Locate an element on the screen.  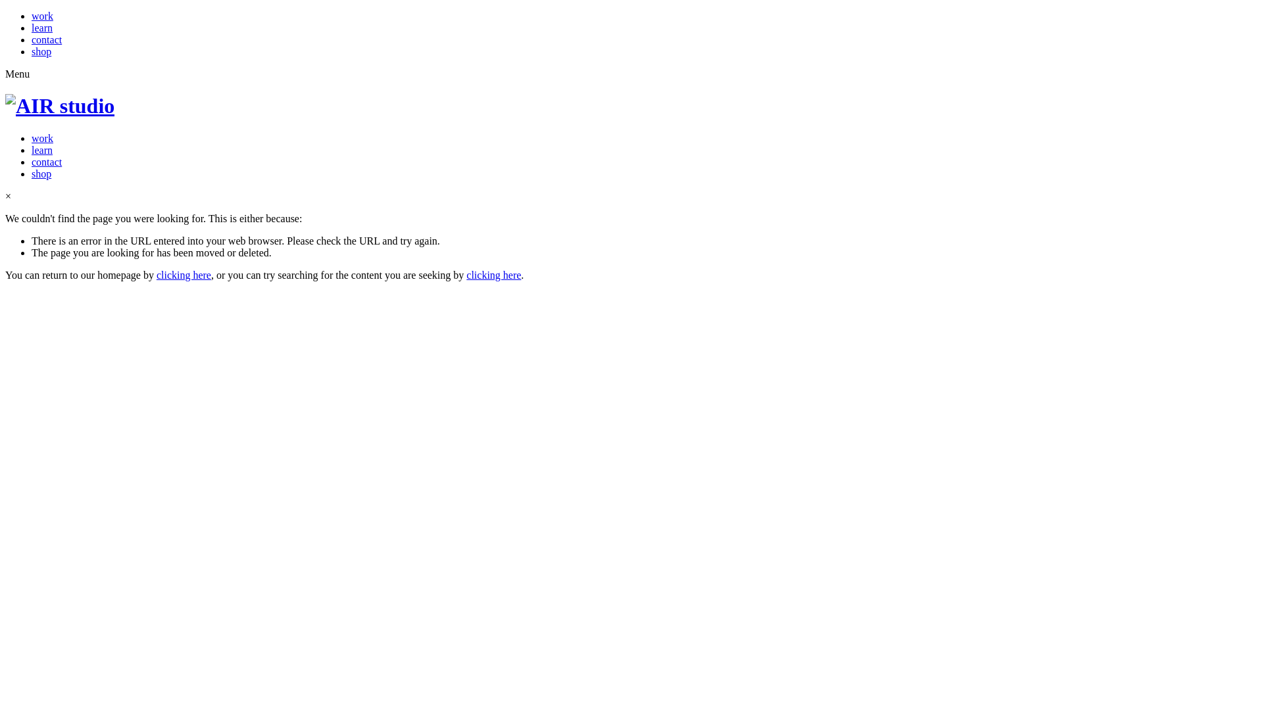
'clicking here' is located at coordinates (183, 274).